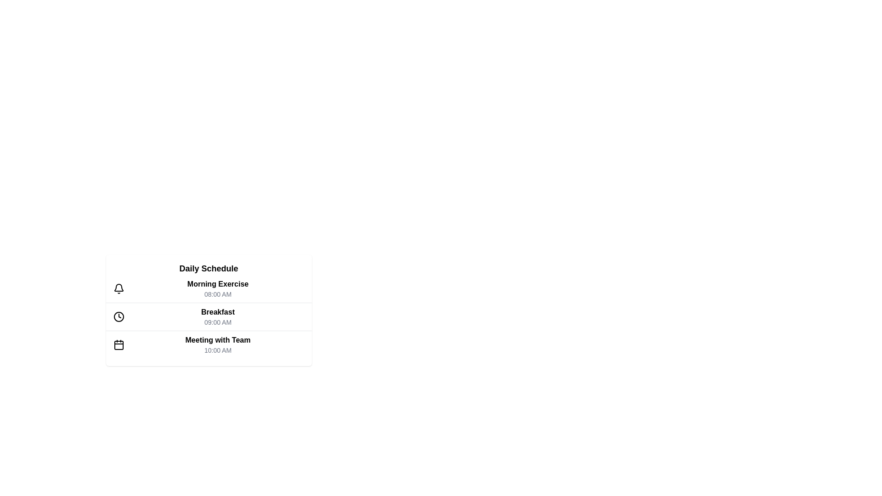 The image size is (882, 496). Describe the element at coordinates (217, 340) in the screenshot. I see `text label displaying 'Meeting with Team' which is situated in the third row of events within the 'Daily Schedule' card` at that location.